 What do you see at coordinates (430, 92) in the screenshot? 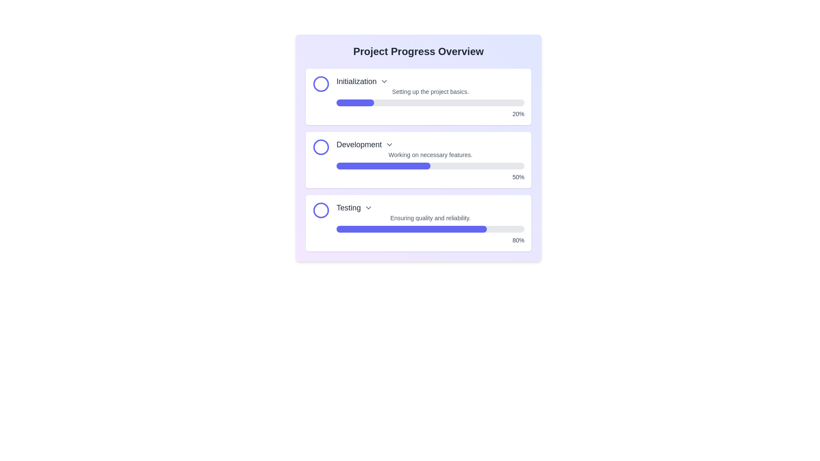
I see `the static text reading 'Setting up the project basics.' located inside the 'Initialization' card in the progress tracker UI` at bounding box center [430, 92].